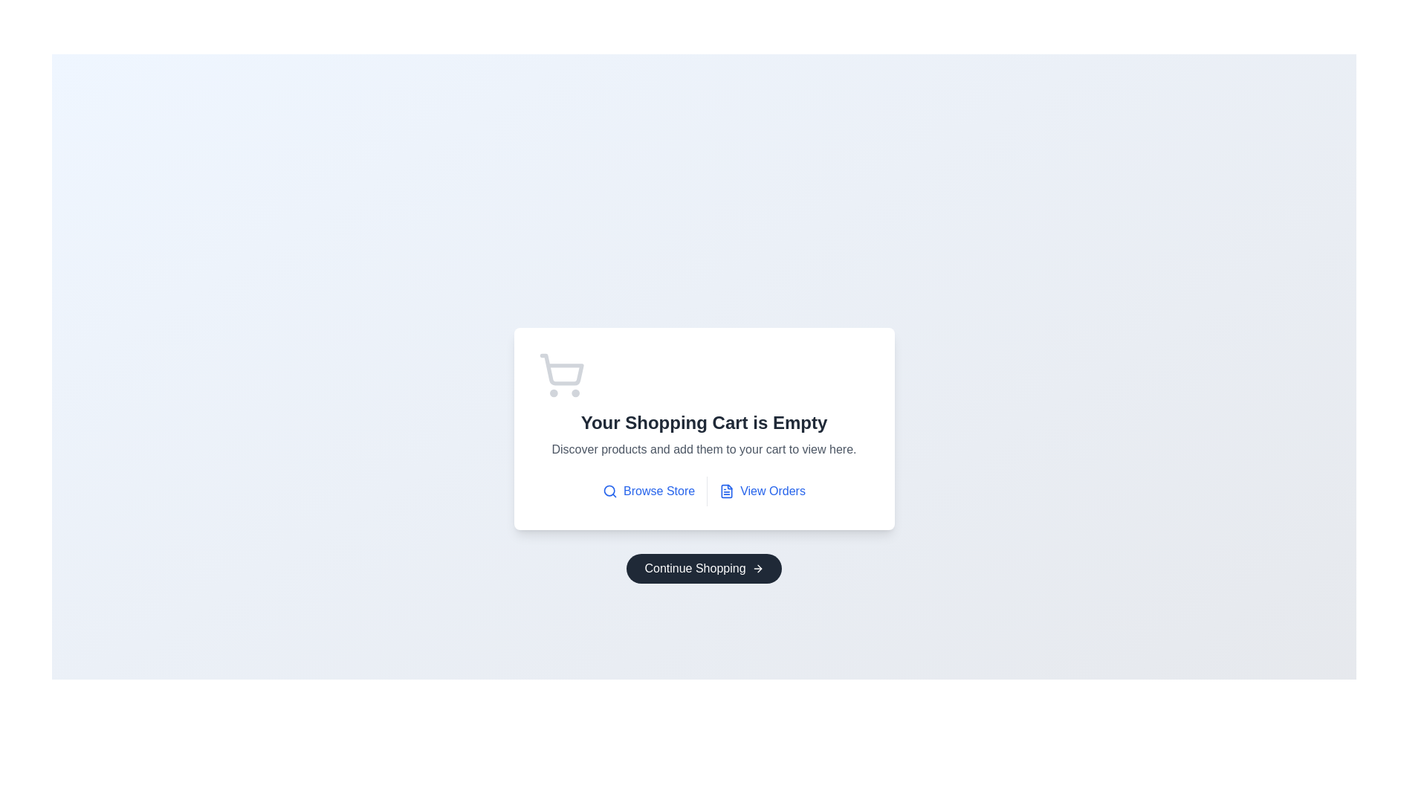 The height and width of the screenshot is (803, 1427). What do you see at coordinates (649, 491) in the screenshot?
I see `the leftmost button in the row beneath 'Your Shopping Cart is Empty'` at bounding box center [649, 491].